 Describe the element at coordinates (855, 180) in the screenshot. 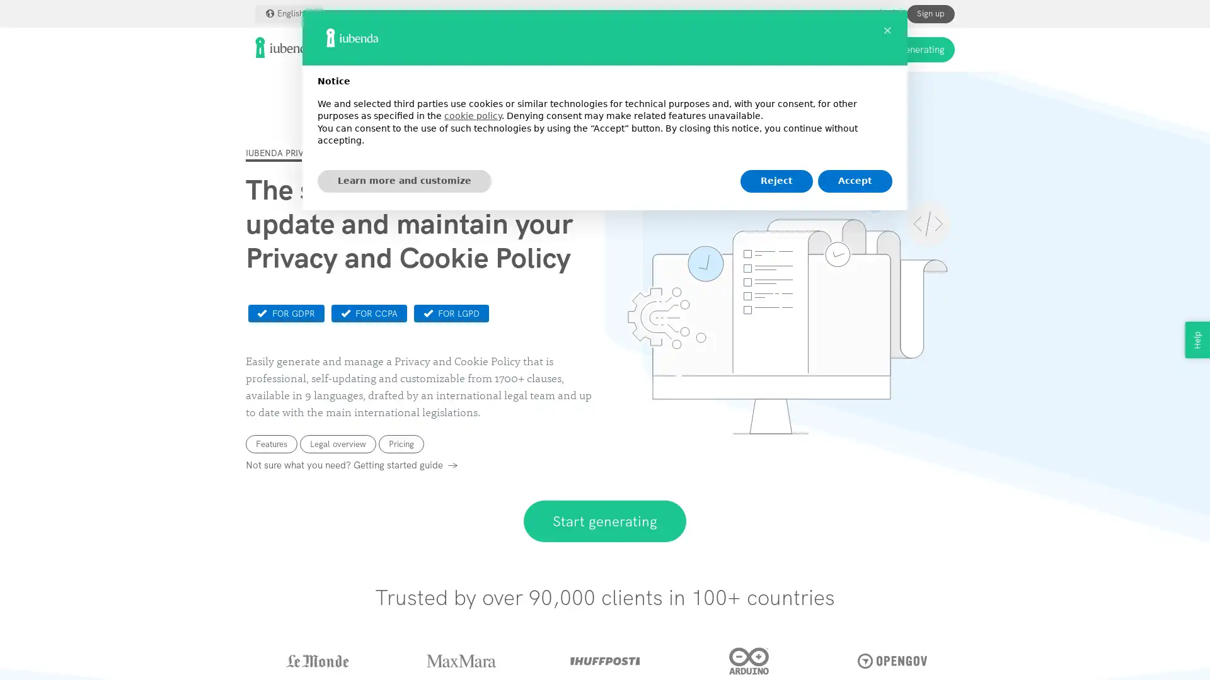

I see `Accept` at that location.